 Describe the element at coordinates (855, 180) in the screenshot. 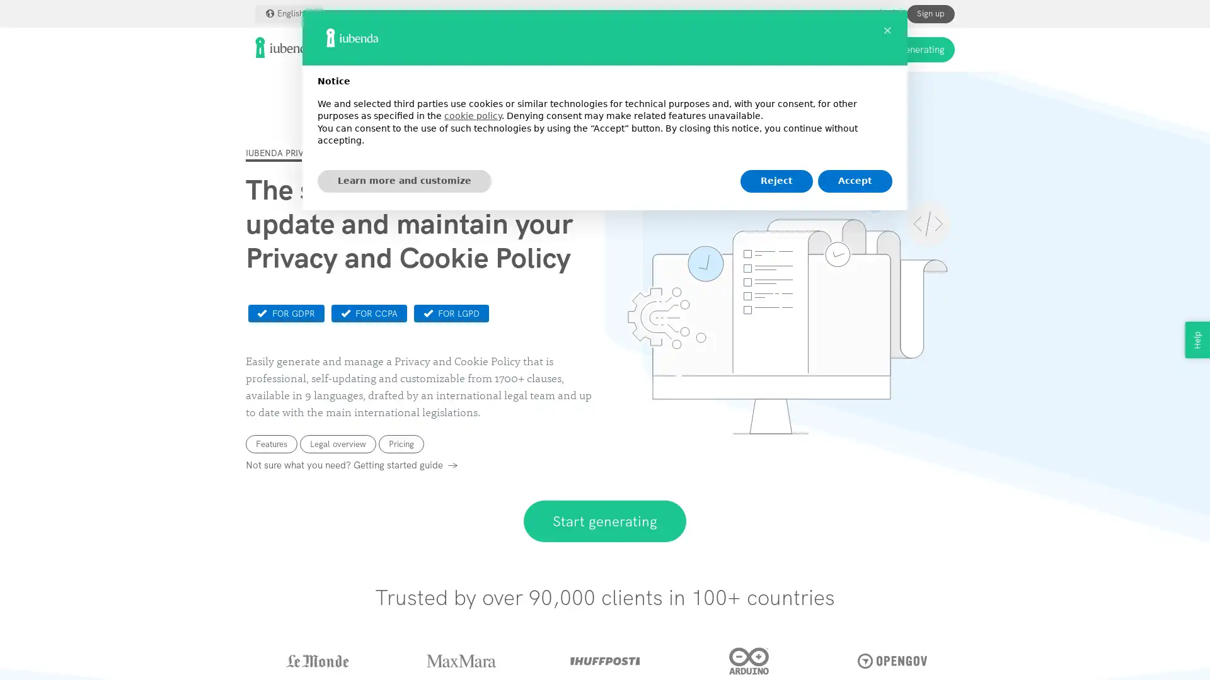

I see `Accept` at that location.